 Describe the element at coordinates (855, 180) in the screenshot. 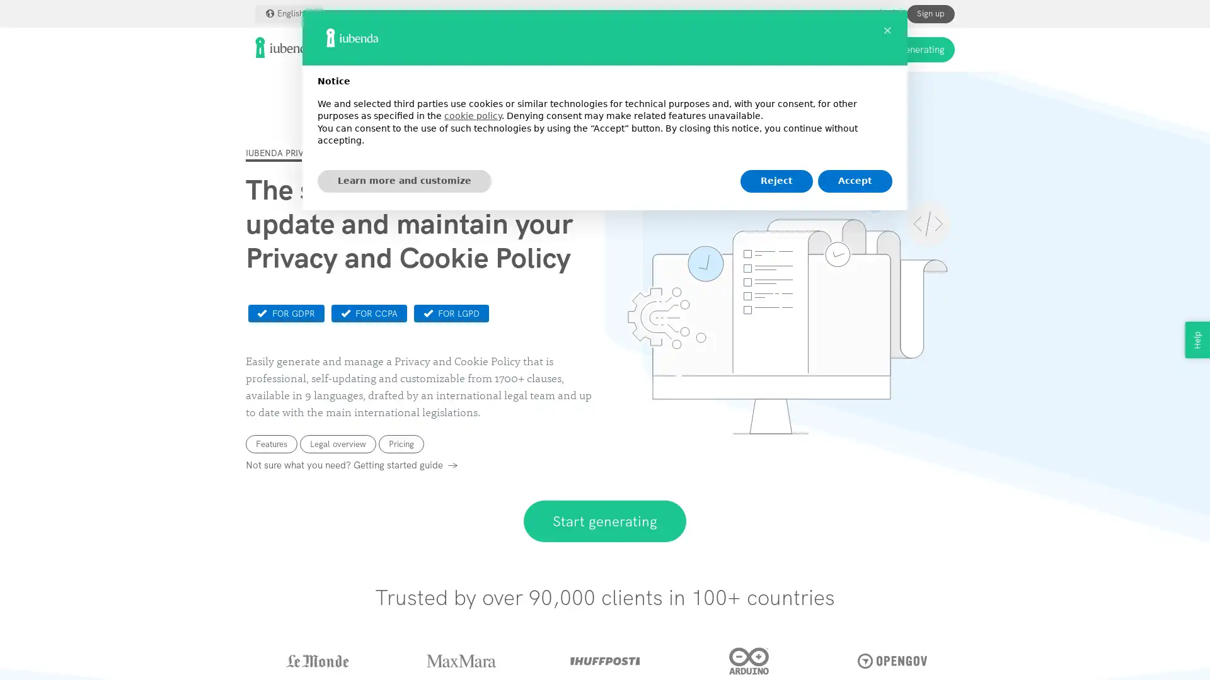

I see `Accept` at that location.